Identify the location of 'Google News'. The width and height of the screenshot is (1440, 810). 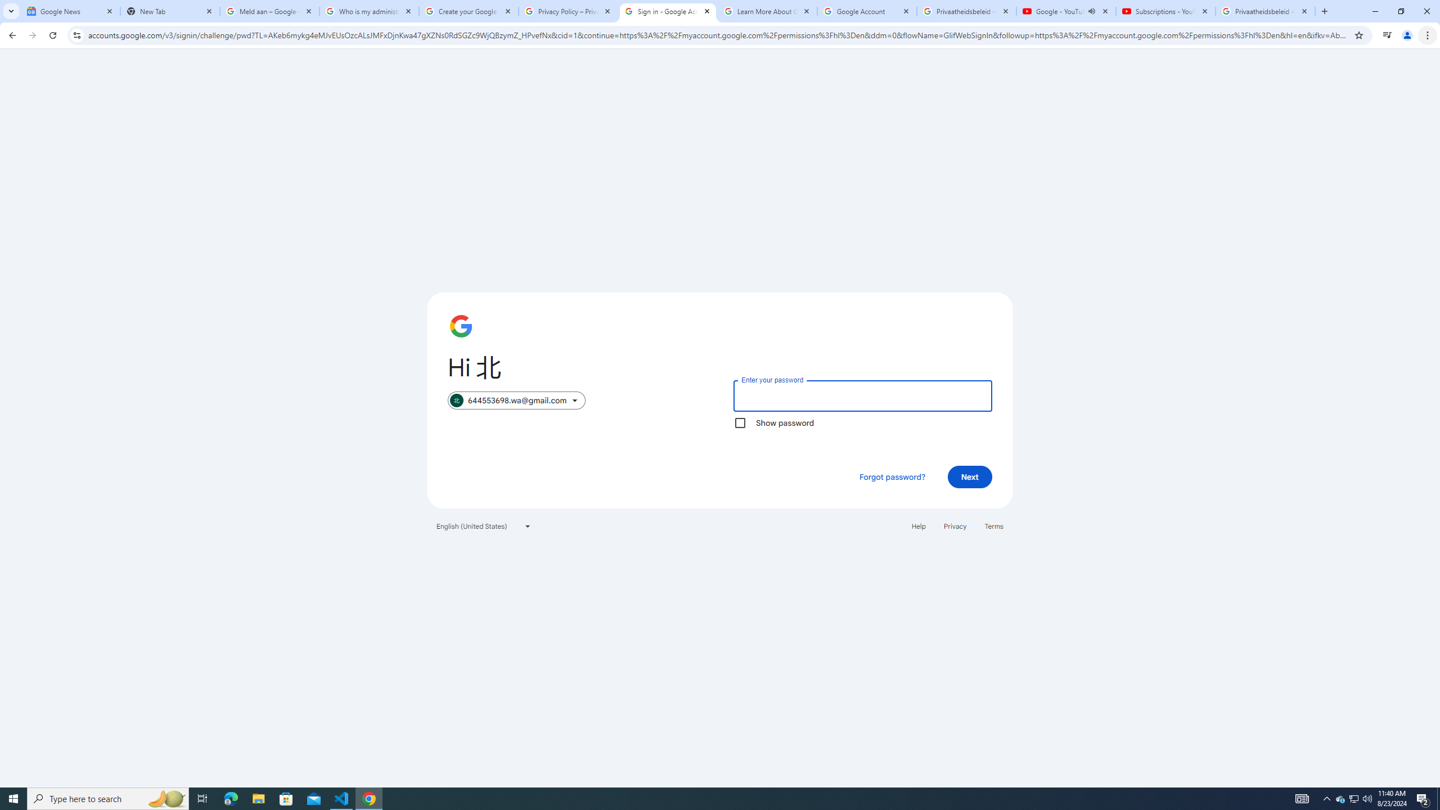
(70, 11).